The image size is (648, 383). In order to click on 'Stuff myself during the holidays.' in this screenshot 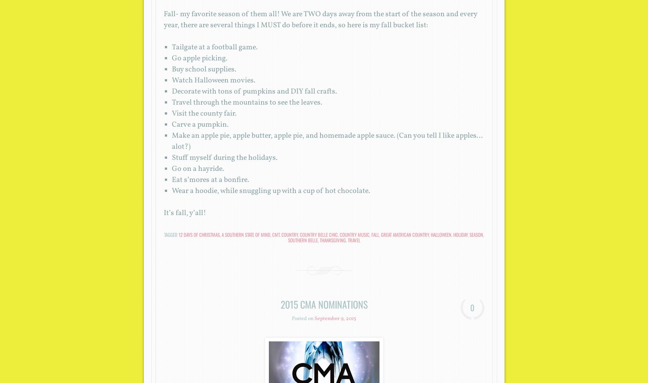, I will do `click(224, 158)`.